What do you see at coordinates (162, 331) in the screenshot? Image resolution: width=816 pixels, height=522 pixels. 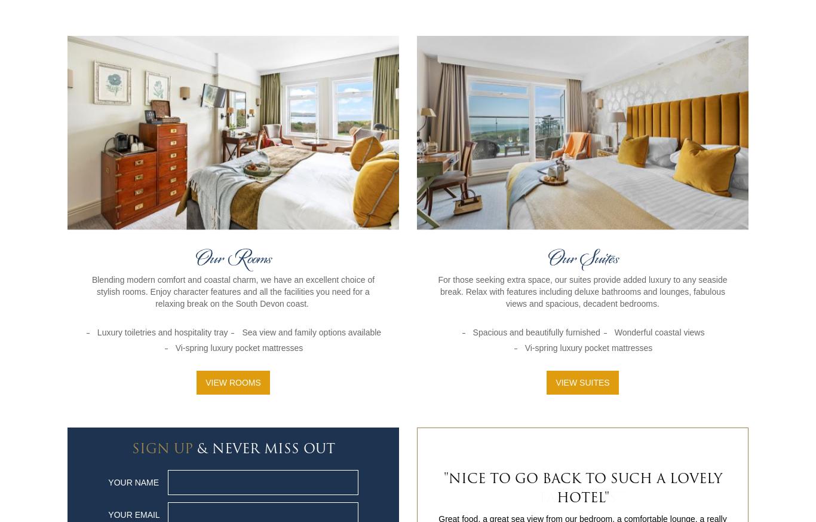 I see `'Luxury toiletries and hospitality tray'` at bounding box center [162, 331].